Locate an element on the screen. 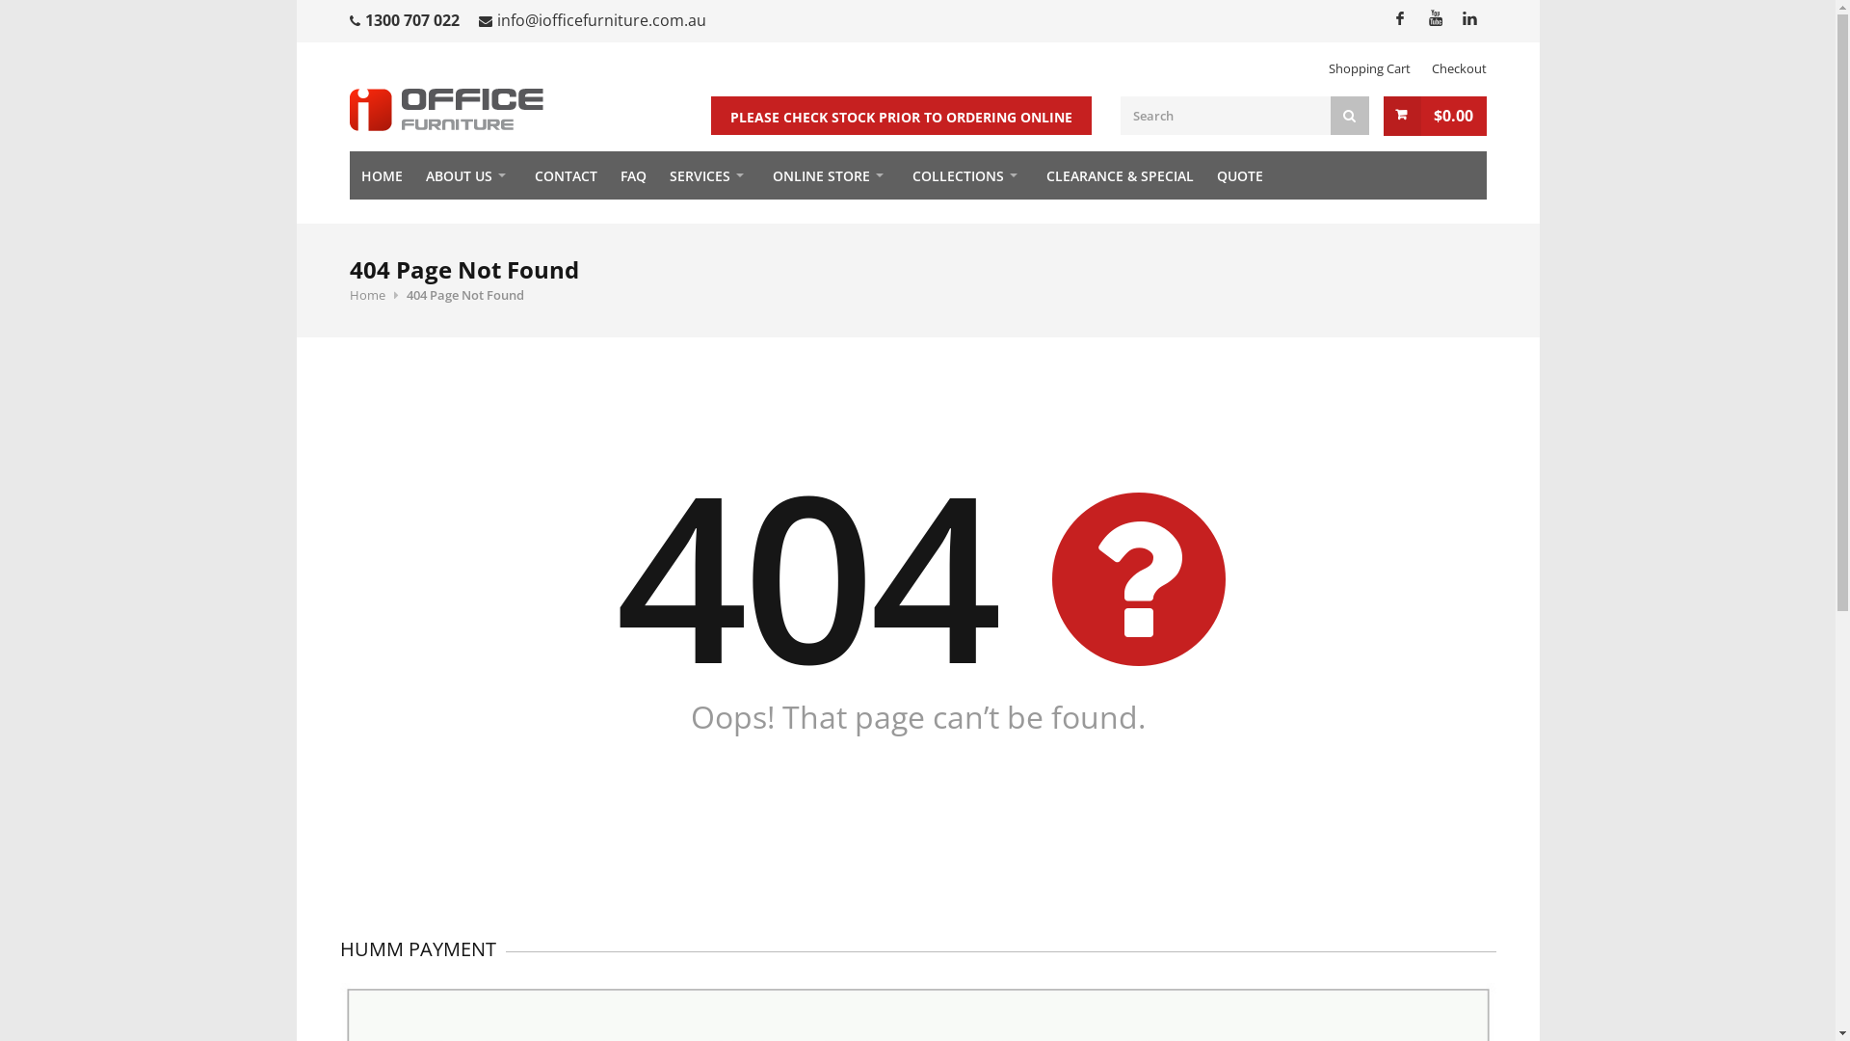  'COLLECTIONS' is located at coordinates (966, 174).